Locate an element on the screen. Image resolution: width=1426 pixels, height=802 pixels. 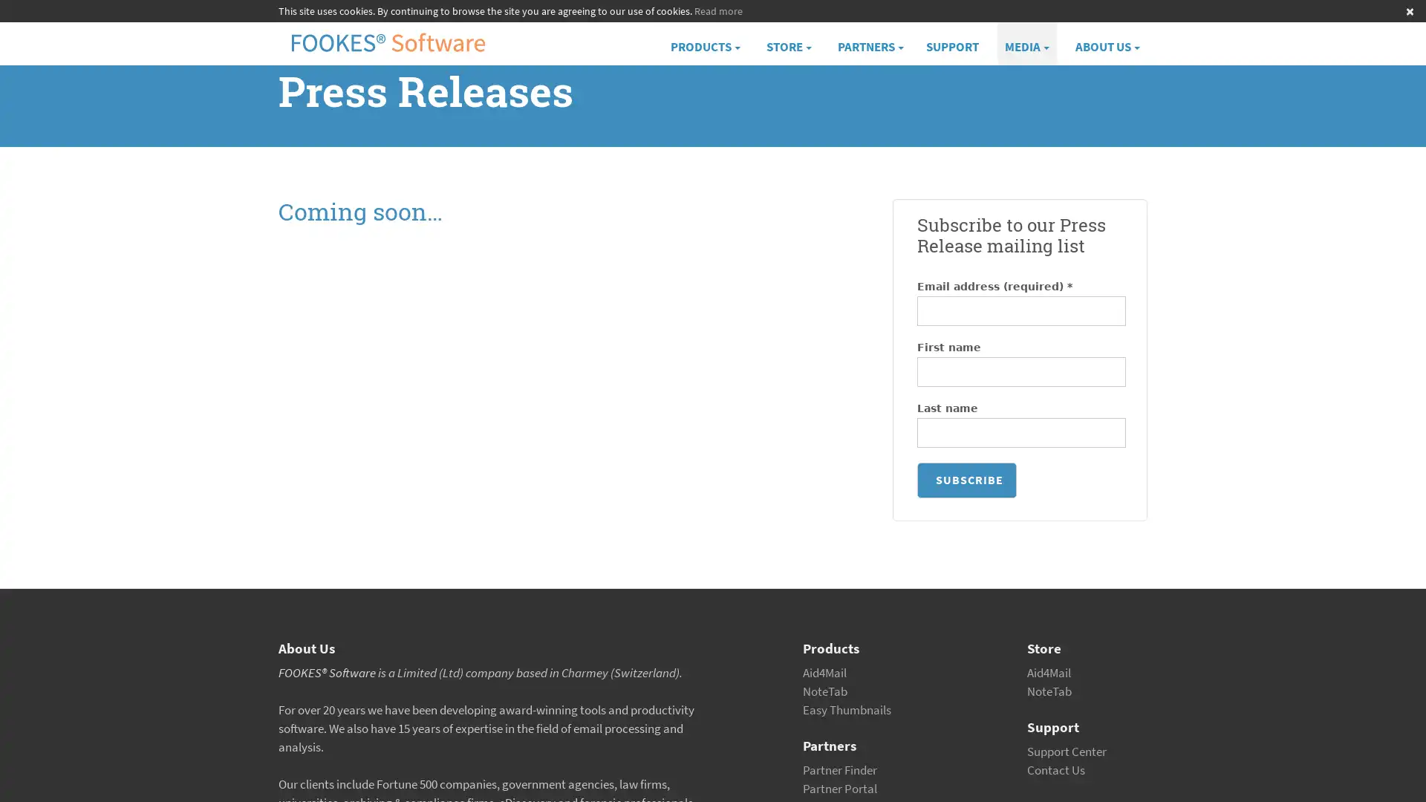
Subscribe is located at coordinates (966, 480).